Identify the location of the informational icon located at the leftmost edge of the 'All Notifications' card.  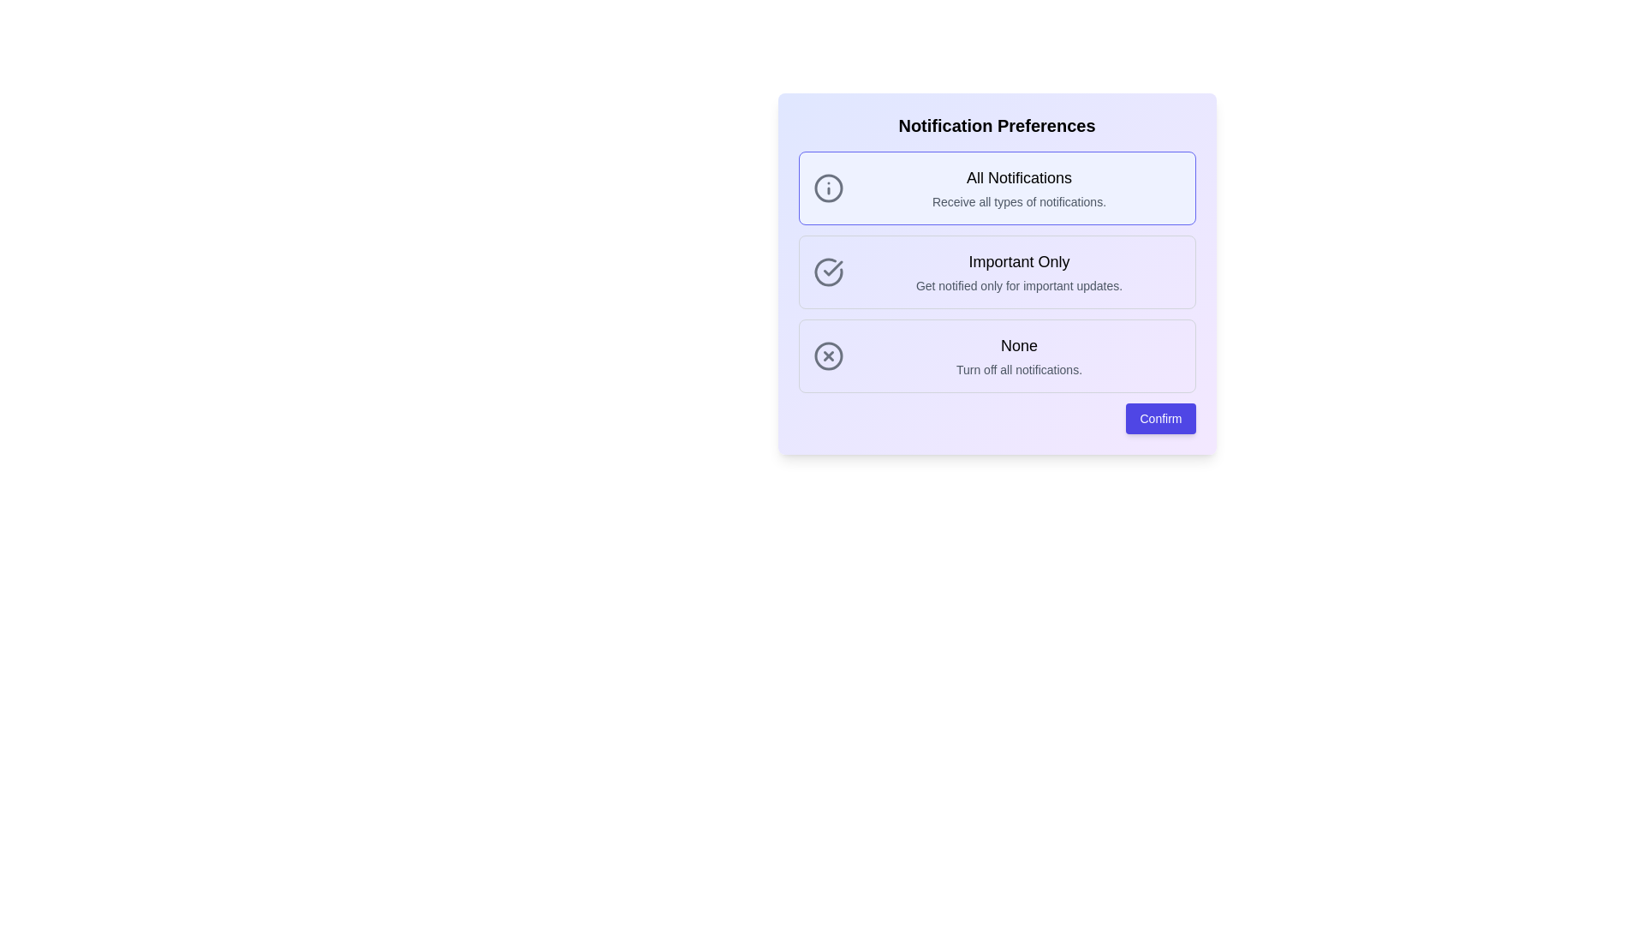
(828, 188).